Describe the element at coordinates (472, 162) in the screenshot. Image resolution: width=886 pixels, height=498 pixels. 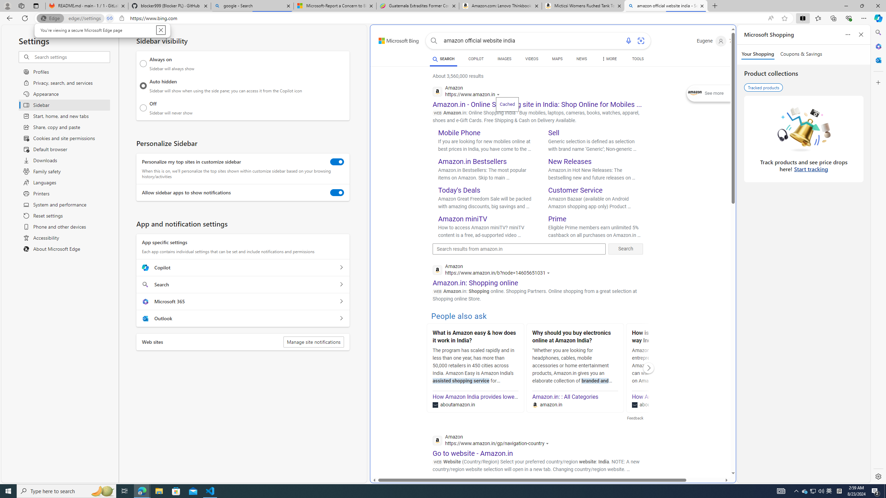
I see `'Amazon.in Bestsellers'` at that location.